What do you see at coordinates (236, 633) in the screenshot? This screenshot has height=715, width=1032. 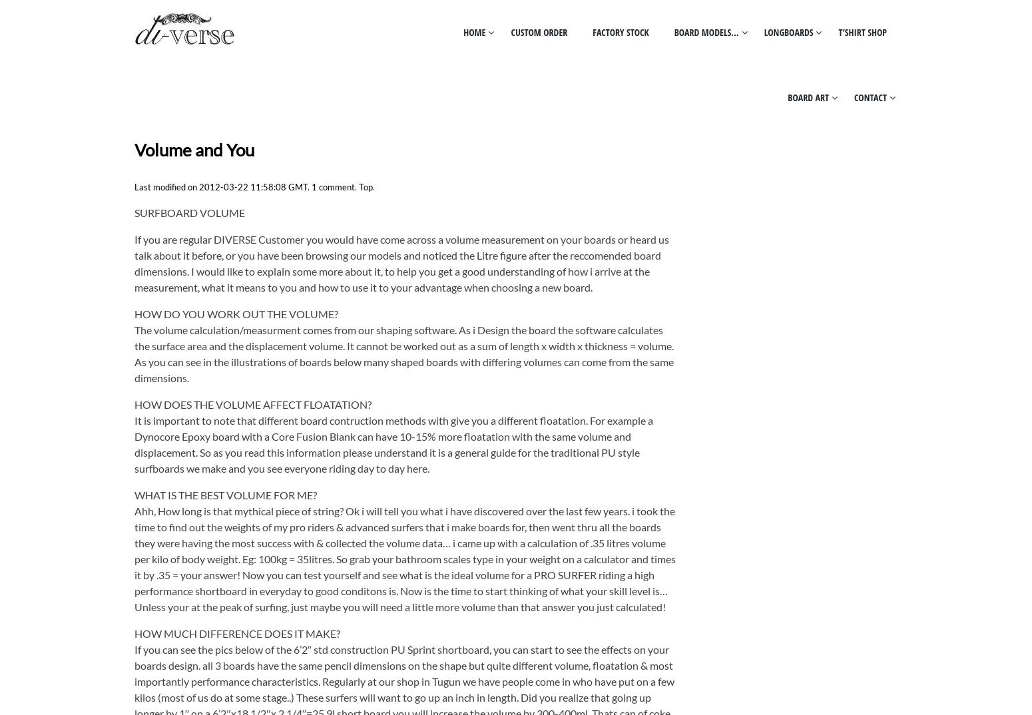 I see `'HOW MUCH DIFFERENCE DOES IT MAKE?'` at bounding box center [236, 633].